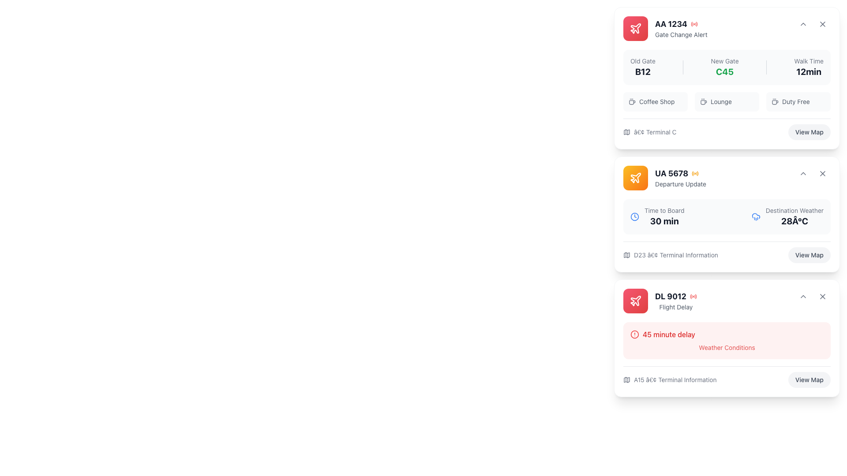 The image size is (847, 476). Describe the element at coordinates (822, 23) in the screenshot. I see `the small gray 'X' icon in the top-right corner of the 'AA 1234' card` at that location.